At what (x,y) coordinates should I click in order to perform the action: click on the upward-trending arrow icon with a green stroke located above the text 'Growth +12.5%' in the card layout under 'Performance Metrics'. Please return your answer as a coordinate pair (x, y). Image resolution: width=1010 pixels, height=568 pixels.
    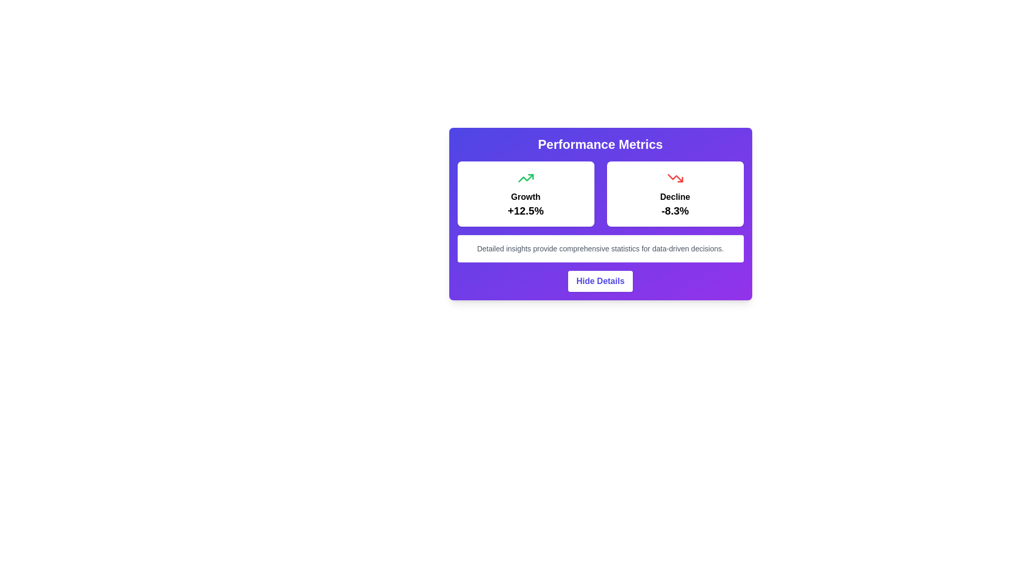
    Looking at the image, I should click on (526, 178).